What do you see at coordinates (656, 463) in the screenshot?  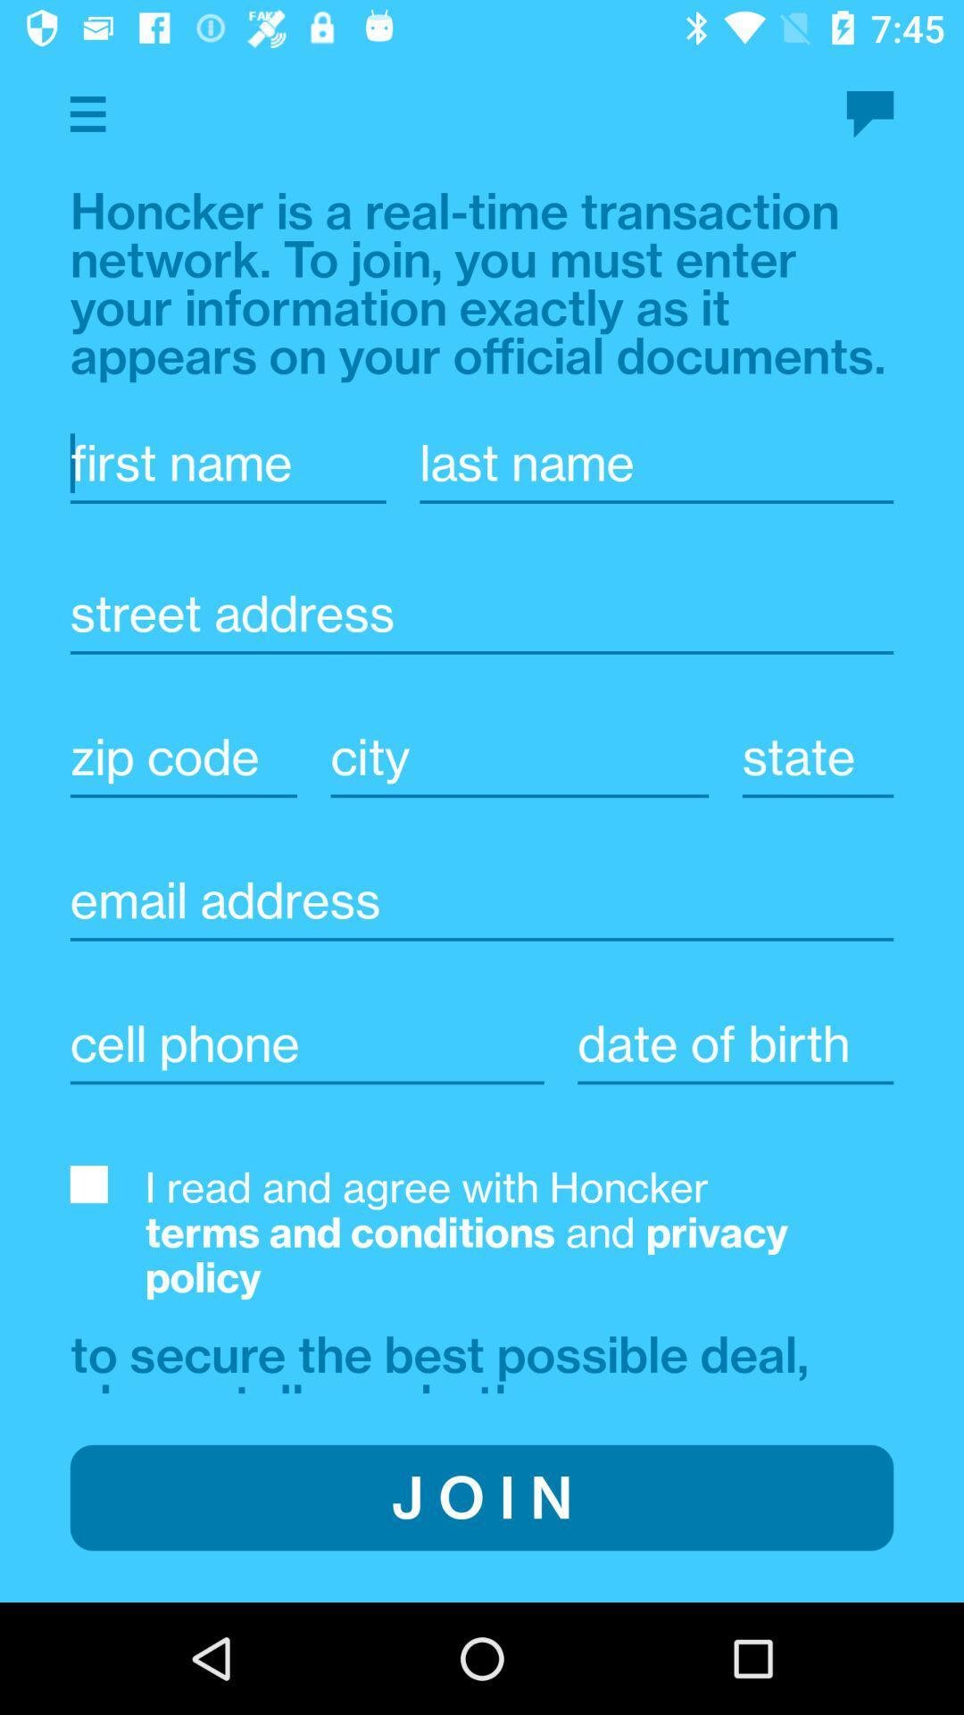 I see `last name` at bounding box center [656, 463].